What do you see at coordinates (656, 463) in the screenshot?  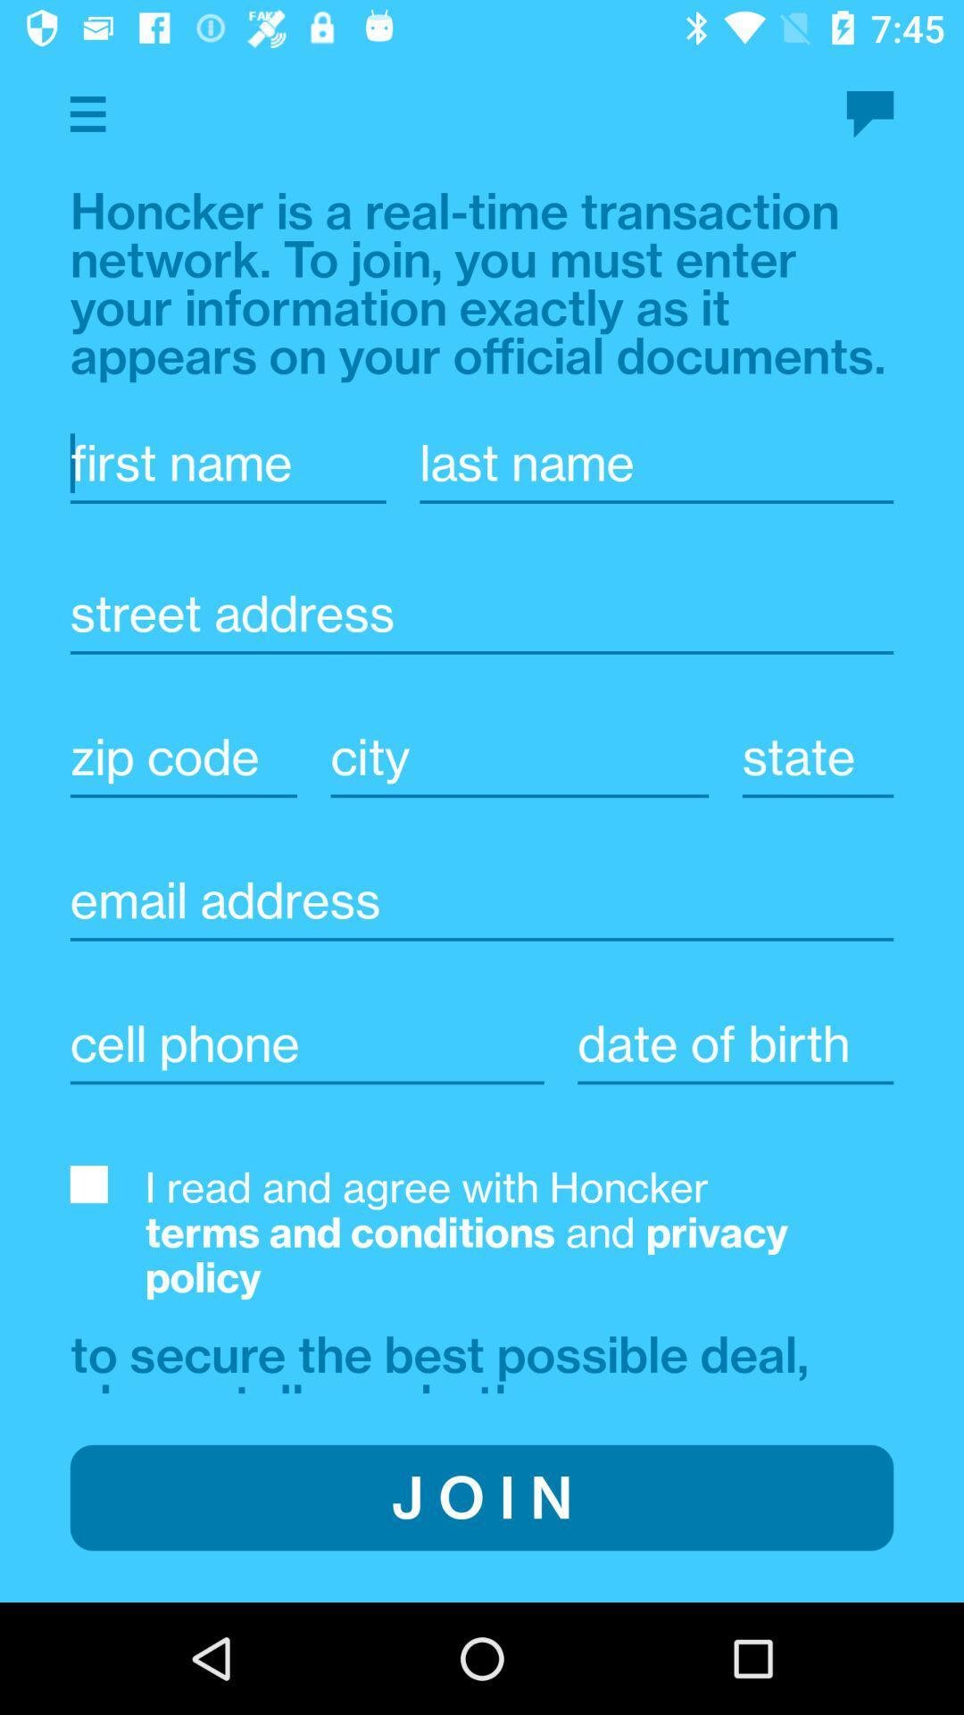 I see `last name` at bounding box center [656, 463].